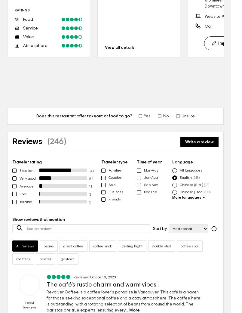  I want to click on 'Show reviews that mention', so click(38, 219).